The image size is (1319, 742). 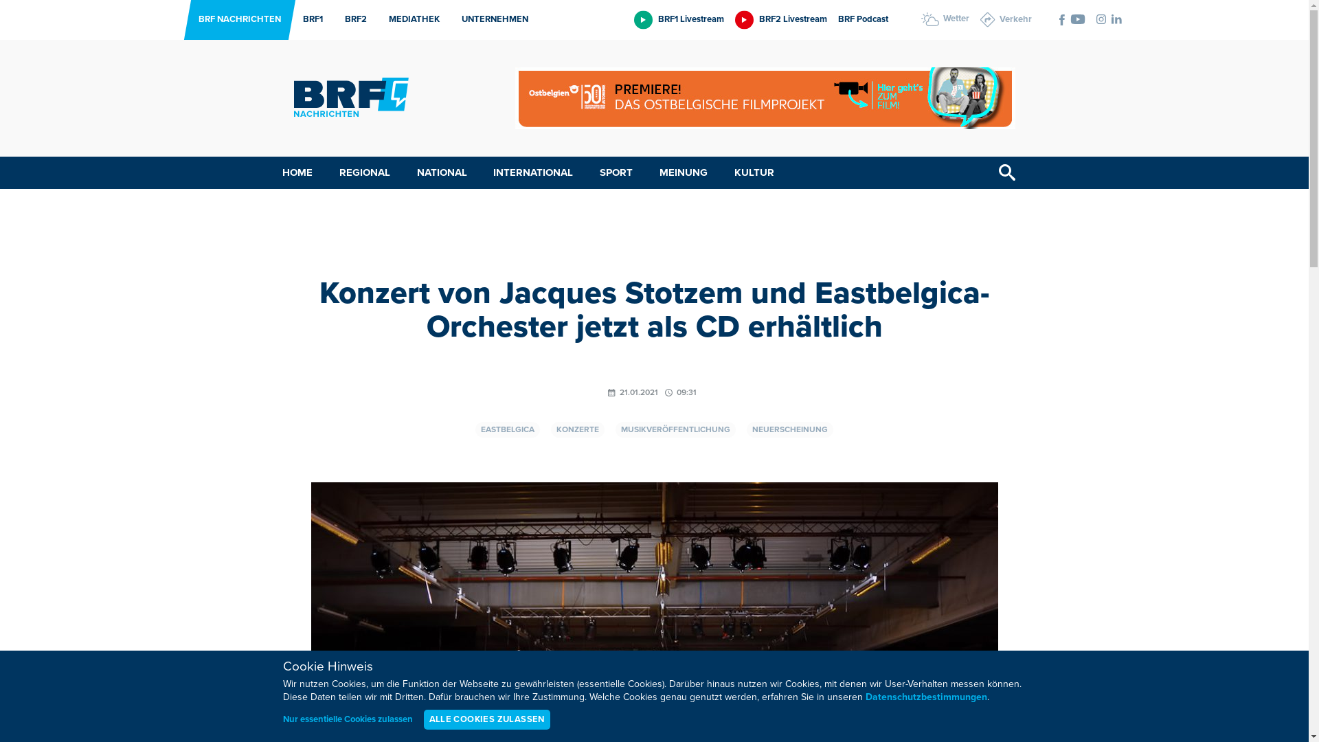 What do you see at coordinates (999, 172) in the screenshot?
I see `'Suchen'` at bounding box center [999, 172].